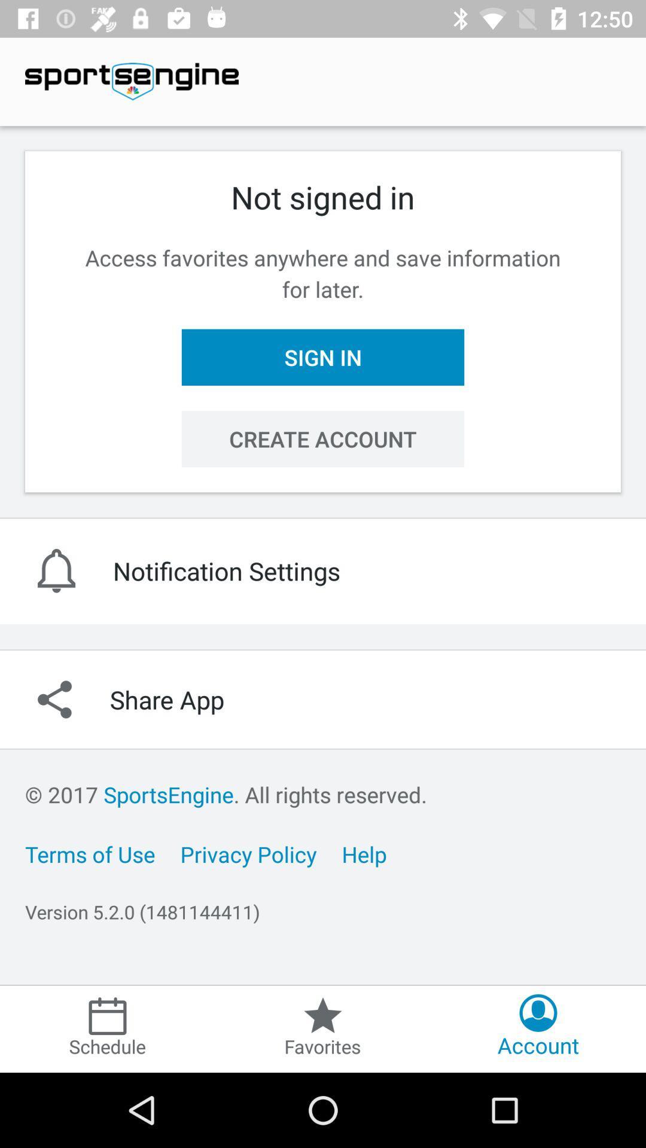 This screenshot has width=646, height=1148. I want to click on the item above terms of use item, so click(226, 795).